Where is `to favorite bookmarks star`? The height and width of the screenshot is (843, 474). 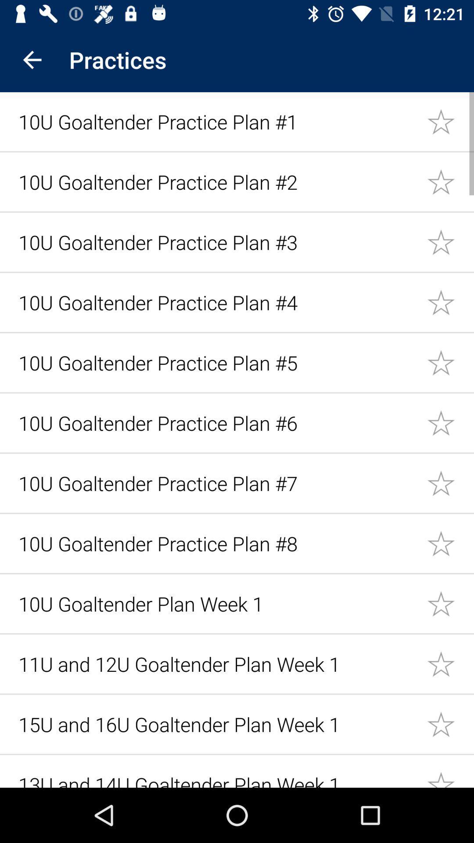
to favorite bookmarks star is located at coordinates (450, 362).